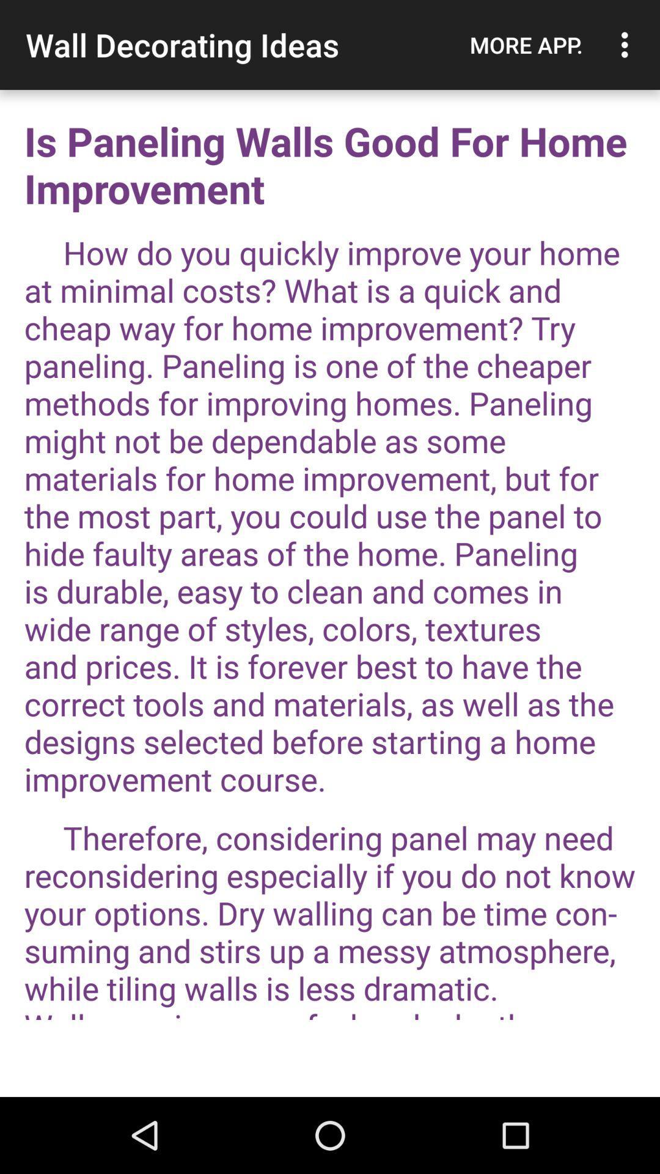 This screenshot has width=660, height=1174. What do you see at coordinates (526, 45) in the screenshot?
I see `the item above is paneling walls app` at bounding box center [526, 45].